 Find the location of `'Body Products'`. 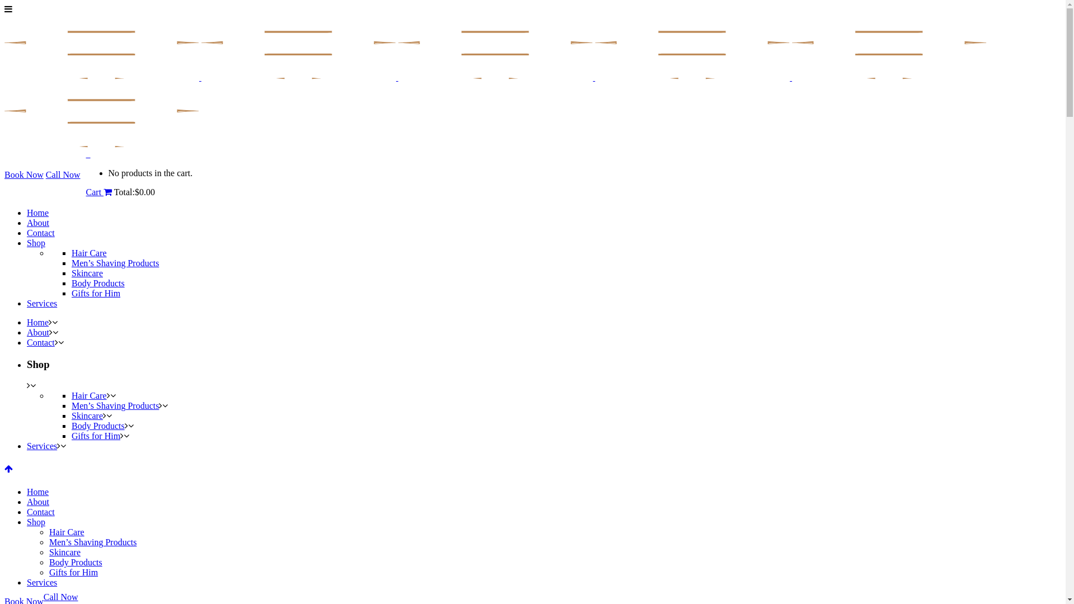

'Body Products' is located at coordinates (98, 426).